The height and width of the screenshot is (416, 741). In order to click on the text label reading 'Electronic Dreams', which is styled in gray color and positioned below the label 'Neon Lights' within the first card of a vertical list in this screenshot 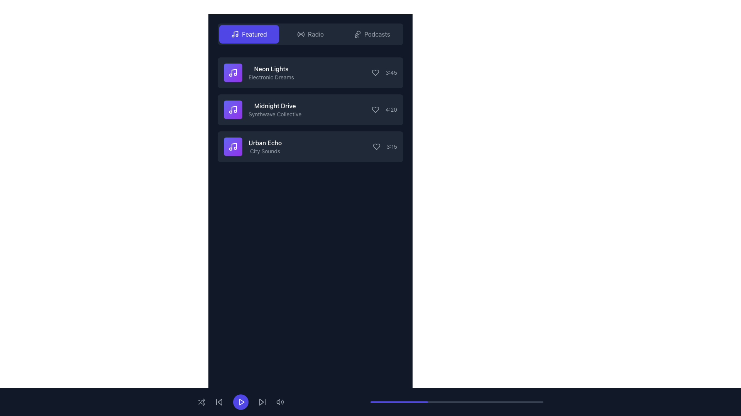, I will do `click(271, 77)`.